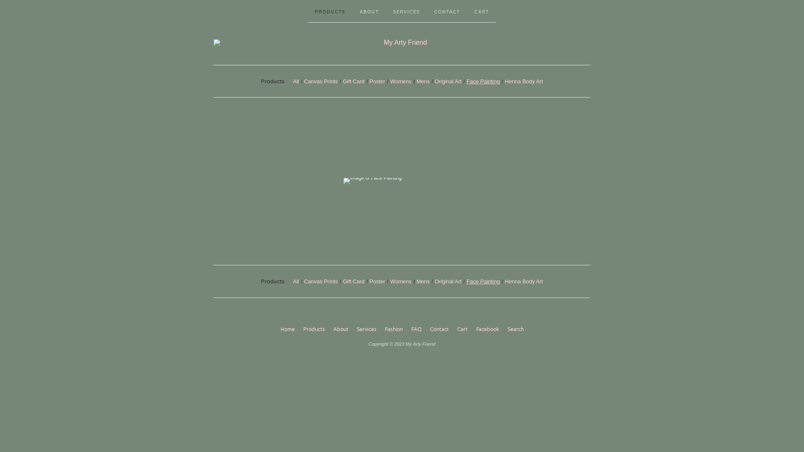 The height and width of the screenshot is (452, 804). I want to click on 'FAQ', so click(416, 329).